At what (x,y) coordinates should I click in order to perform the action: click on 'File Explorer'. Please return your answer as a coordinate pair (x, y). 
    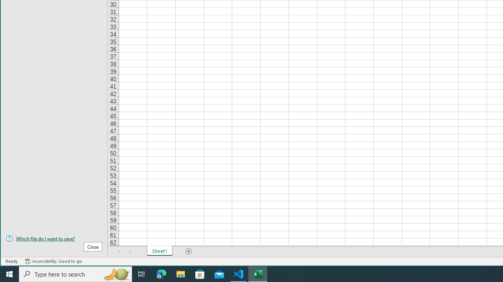
    Looking at the image, I should click on (180, 273).